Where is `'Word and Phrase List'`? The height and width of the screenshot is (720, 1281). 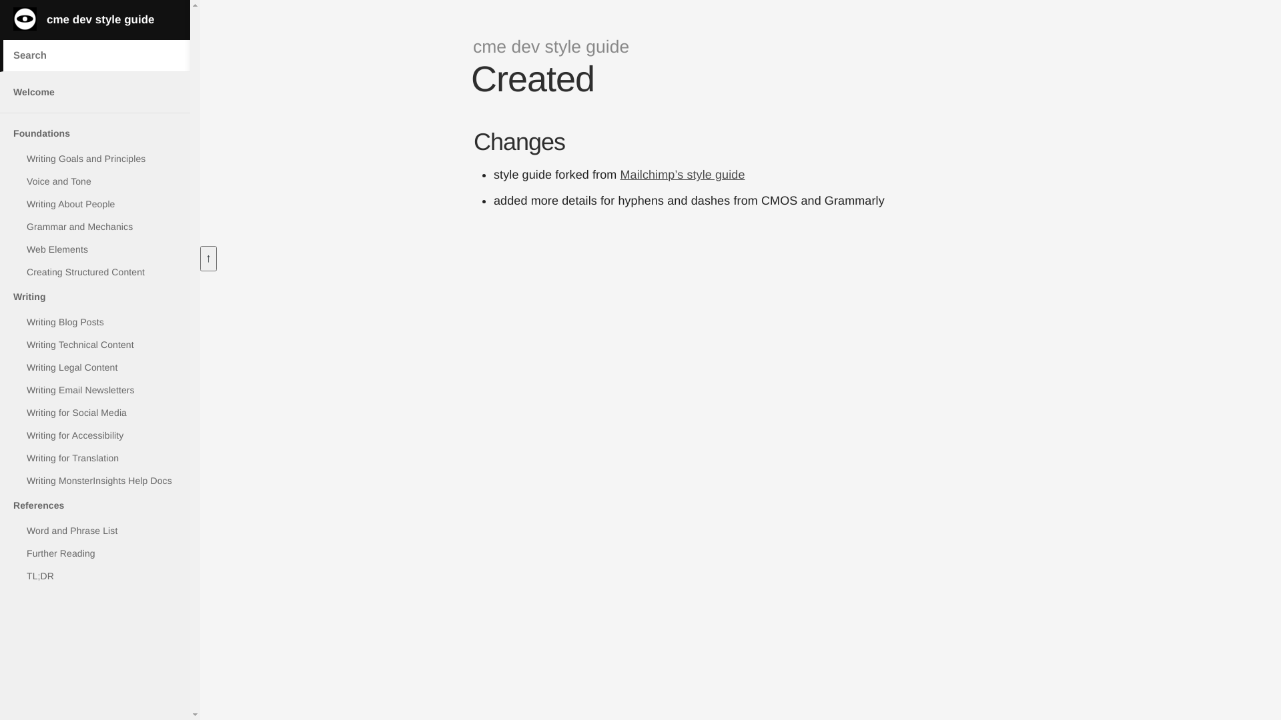
'Word and Phrase List' is located at coordinates (94, 529).